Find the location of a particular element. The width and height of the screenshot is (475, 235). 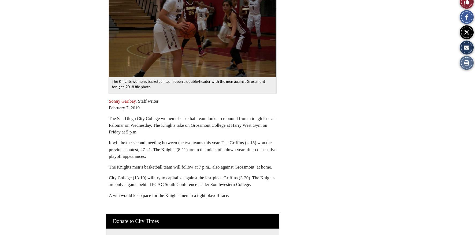

'The Knights men’s basketball team will follow at 7 p.m., also against Grossmont, at home.' is located at coordinates (190, 167).